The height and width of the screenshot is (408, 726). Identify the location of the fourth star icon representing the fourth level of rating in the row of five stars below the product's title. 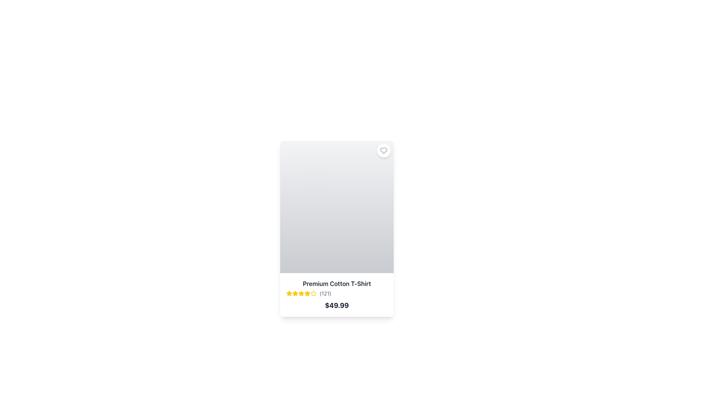
(301, 293).